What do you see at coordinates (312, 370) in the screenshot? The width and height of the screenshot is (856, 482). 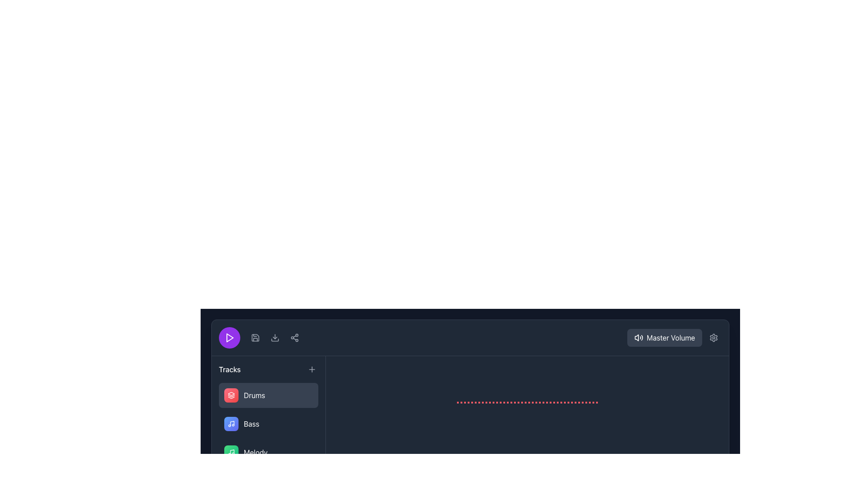 I see `the plus icon button located in the upper-right corner of the 'Tracks' section` at bounding box center [312, 370].